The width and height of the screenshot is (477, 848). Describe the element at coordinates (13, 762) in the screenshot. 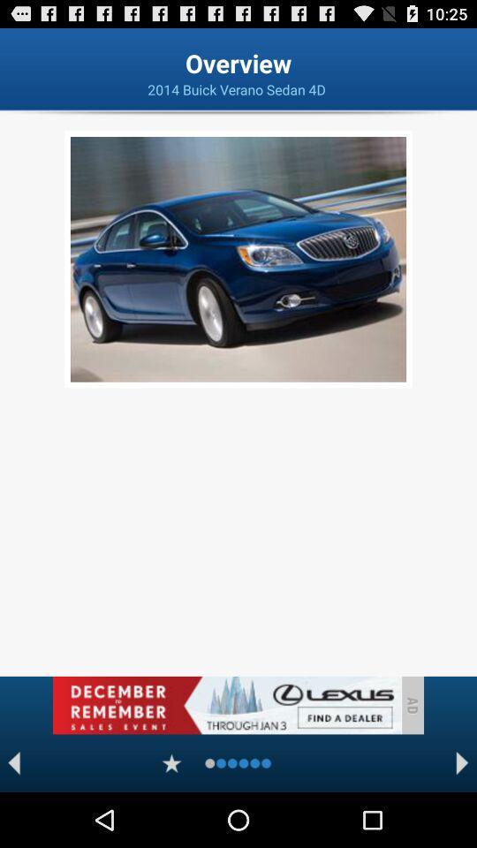

I see `backword option` at that location.